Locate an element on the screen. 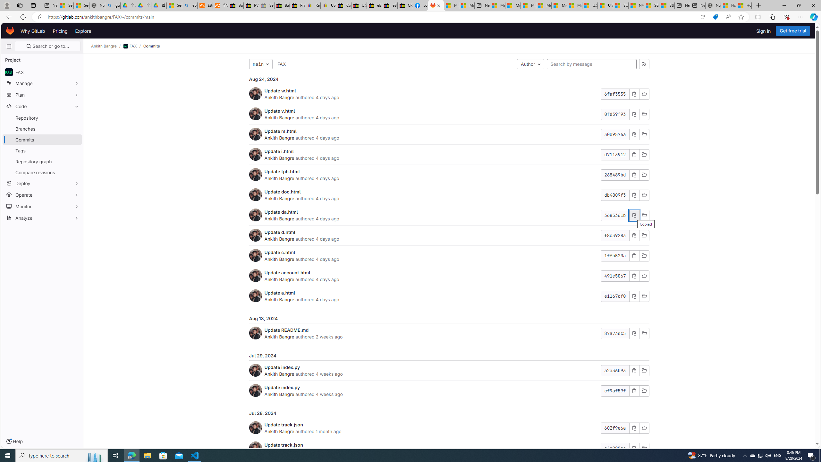 The image size is (821, 462). 'Monitor' is located at coordinates (42, 206).